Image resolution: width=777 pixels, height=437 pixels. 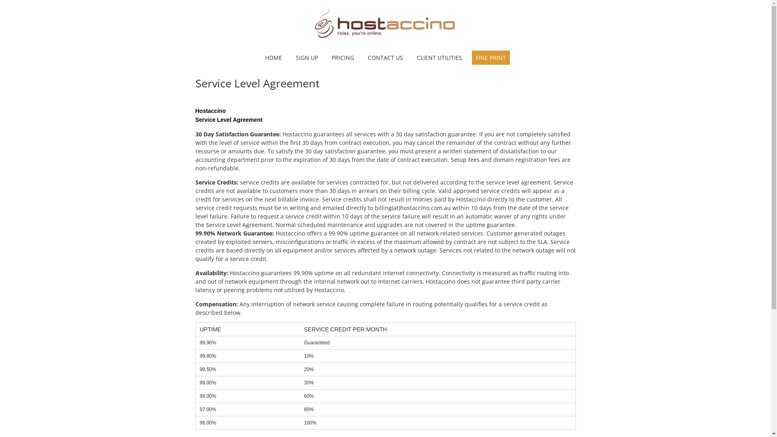 What do you see at coordinates (439, 57) in the screenshot?
I see `'CLIENT UTILITIES'` at bounding box center [439, 57].